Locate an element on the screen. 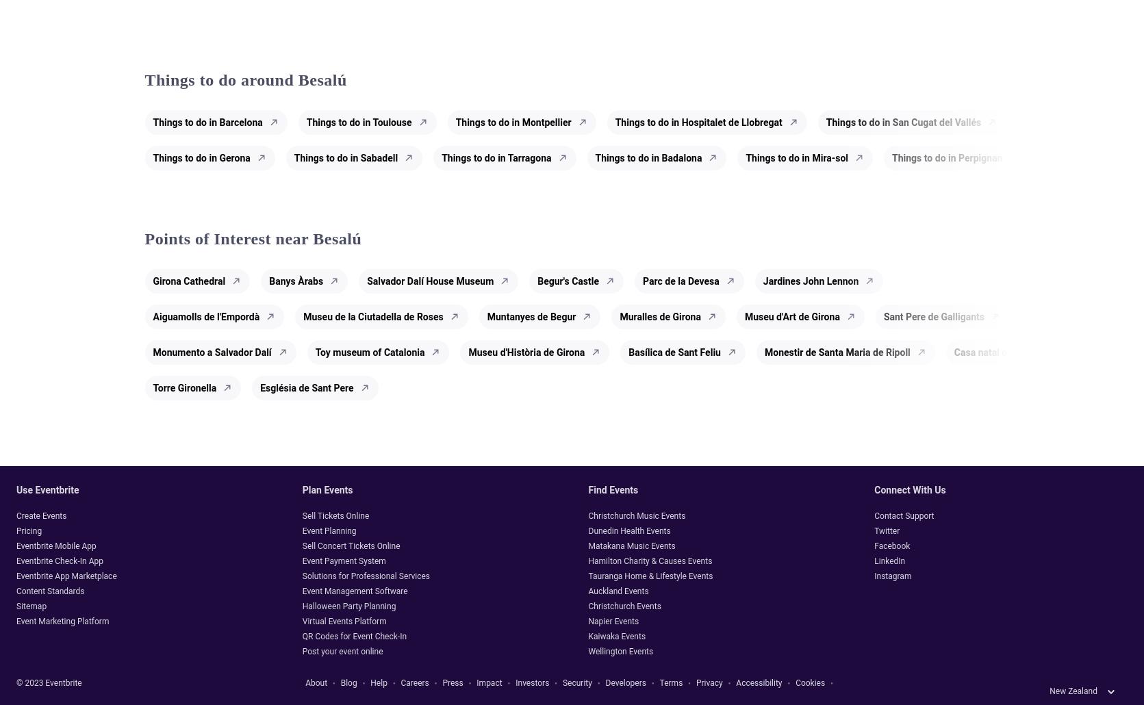  'Solutions for Professional Services' is located at coordinates (365, 574).